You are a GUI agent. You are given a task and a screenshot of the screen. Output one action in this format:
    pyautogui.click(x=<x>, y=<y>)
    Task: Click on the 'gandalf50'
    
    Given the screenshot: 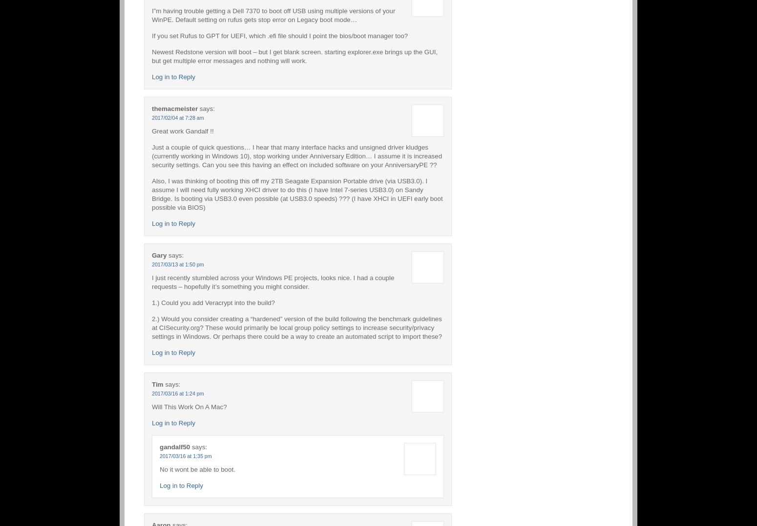 What is the action you would take?
    pyautogui.click(x=174, y=446)
    